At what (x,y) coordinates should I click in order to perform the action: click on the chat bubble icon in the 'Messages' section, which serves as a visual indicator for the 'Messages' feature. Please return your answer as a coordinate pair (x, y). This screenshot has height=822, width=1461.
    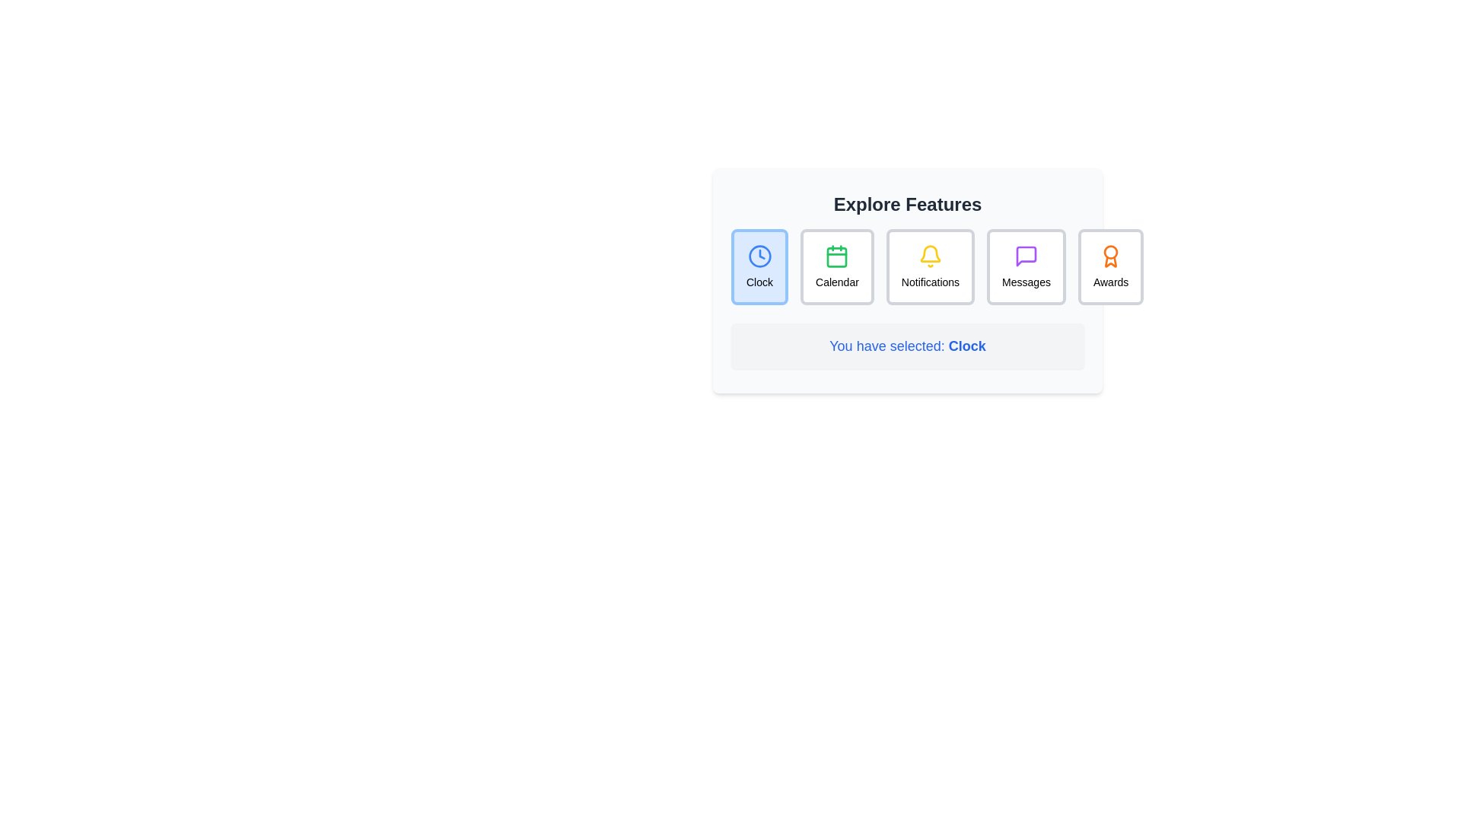
    Looking at the image, I should click on (1026, 255).